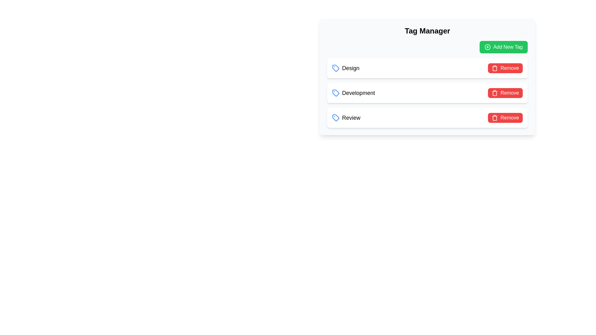 The image size is (596, 335). I want to click on the delete icon located within the 'Remove' button, so click(494, 93).